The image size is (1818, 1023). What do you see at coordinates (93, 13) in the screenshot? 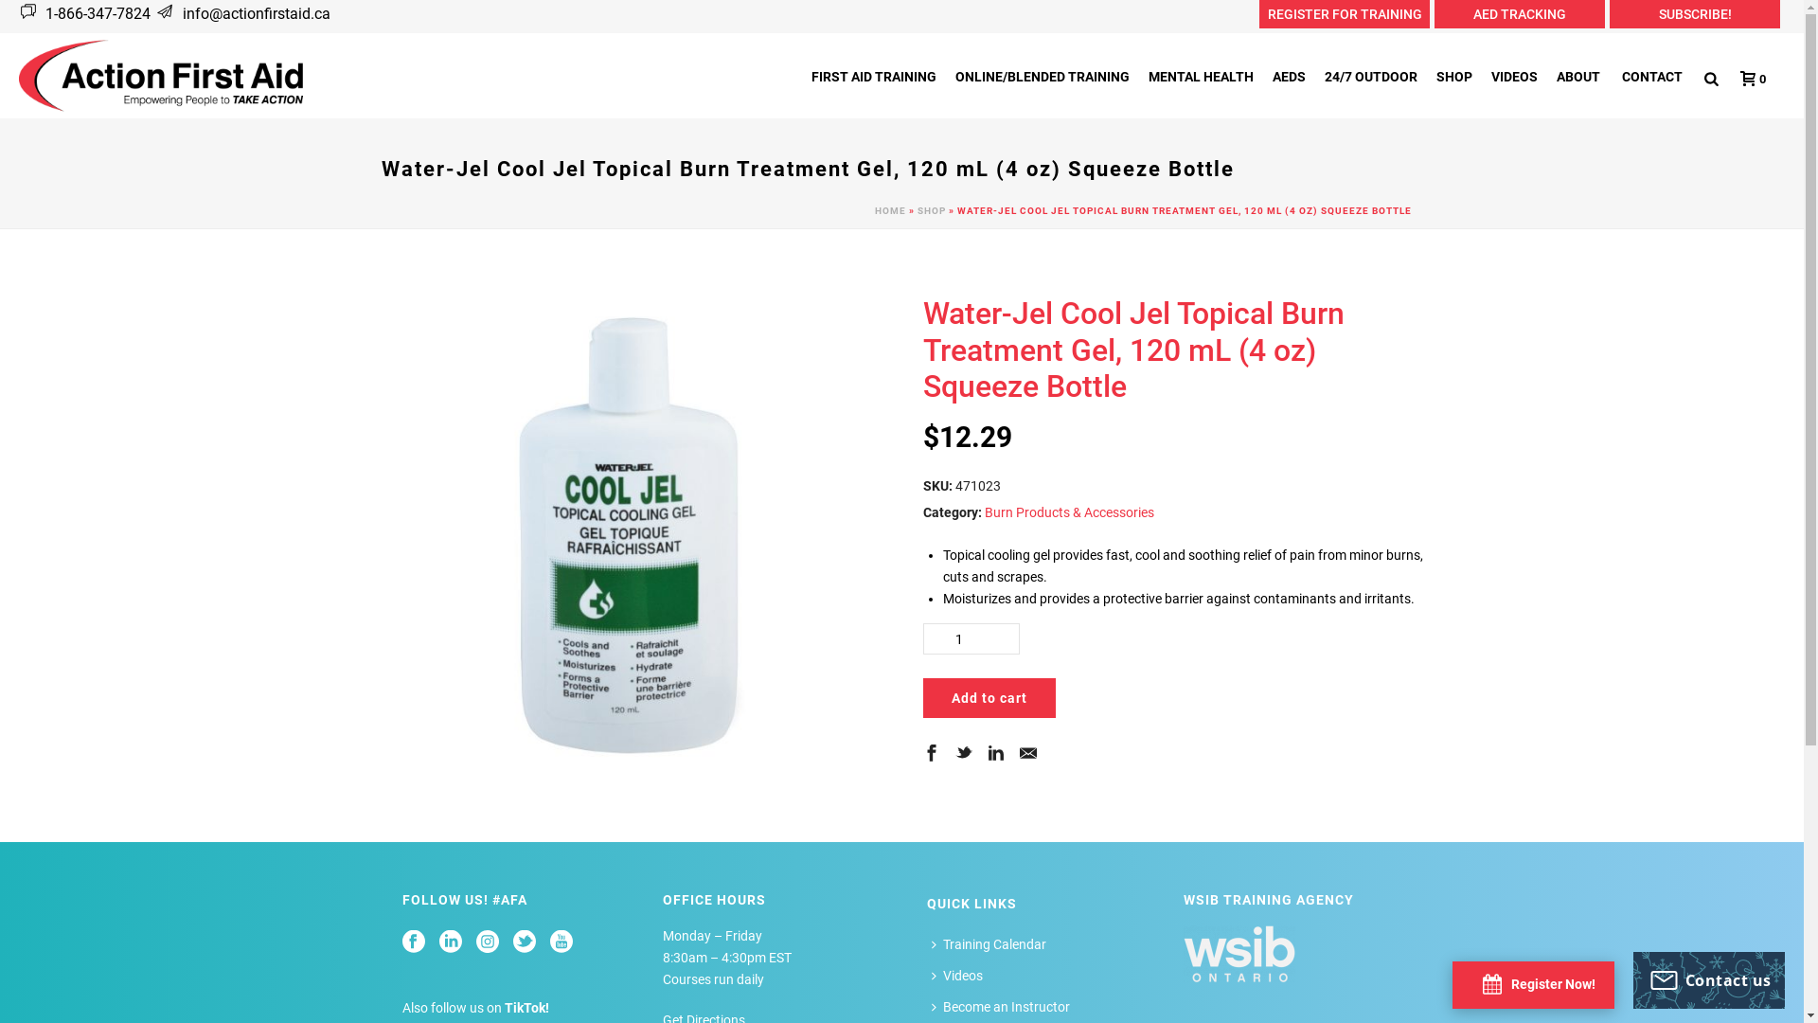
I see `'  1-866-347-7824'` at bounding box center [93, 13].